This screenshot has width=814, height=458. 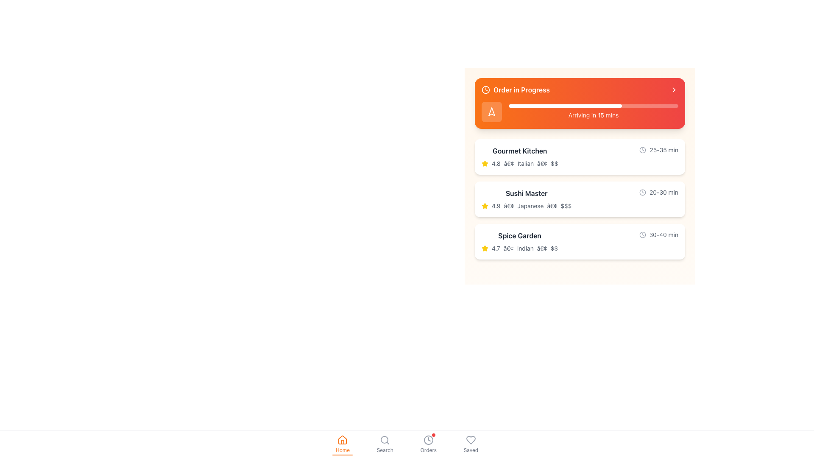 What do you see at coordinates (485, 248) in the screenshot?
I see `the yellow star icon representing a rating element located to the left of the text '4.7' under the 'Spice Garden' entry in the third card below the 'Order in Progress' banner` at bounding box center [485, 248].